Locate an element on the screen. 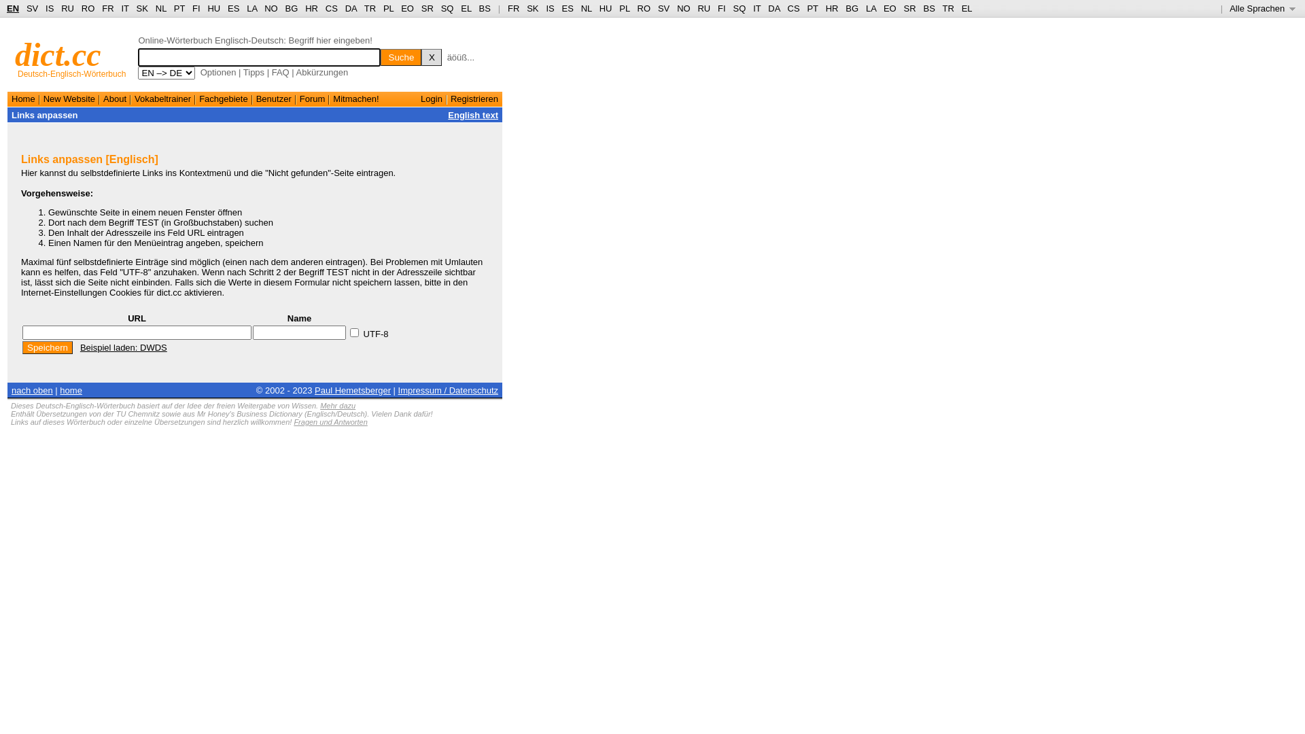 This screenshot has height=734, width=1305. 'Vokabeltrainer' is located at coordinates (162, 98).